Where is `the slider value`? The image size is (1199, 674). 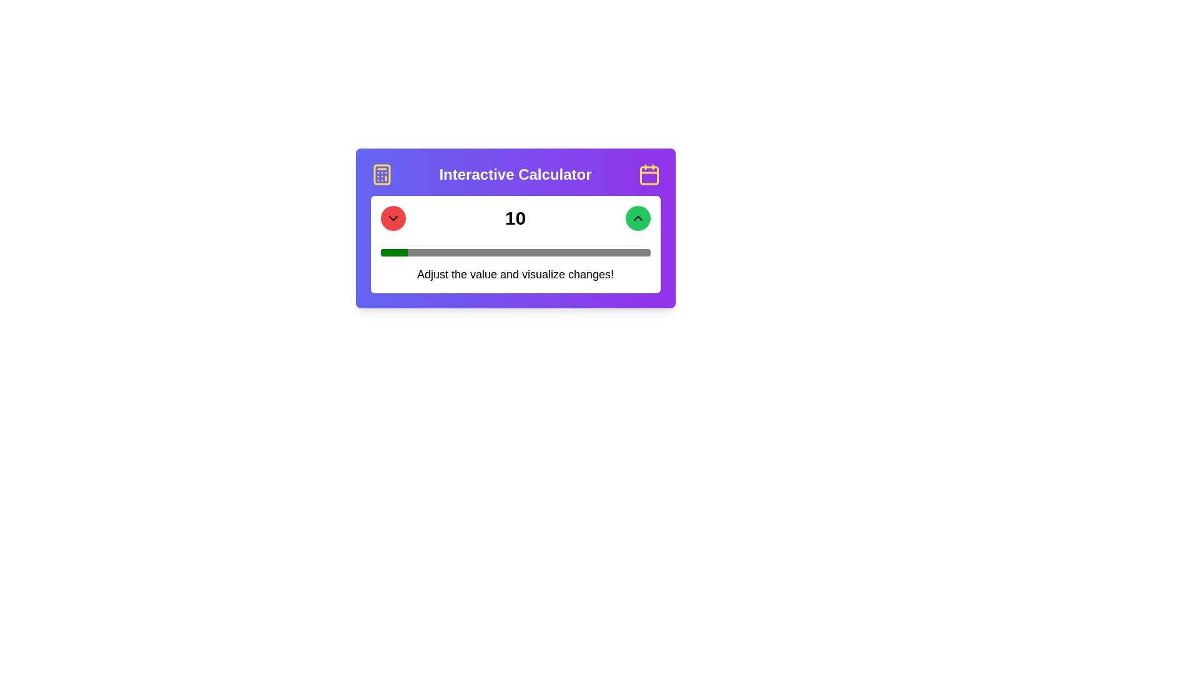 the slider value is located at coordinates (585, 253).